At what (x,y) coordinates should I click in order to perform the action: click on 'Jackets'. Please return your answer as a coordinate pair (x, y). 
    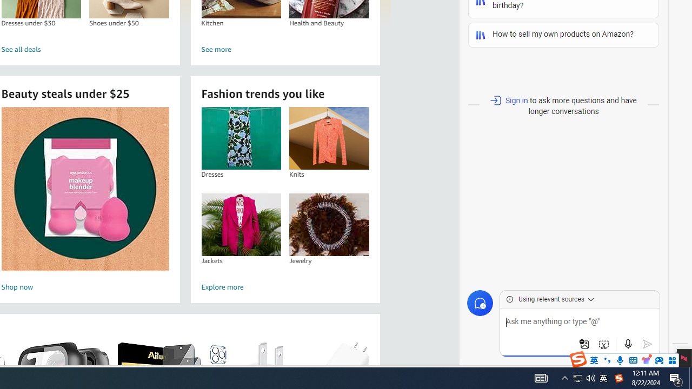
    Looking at the image, I should click on (241, 224).